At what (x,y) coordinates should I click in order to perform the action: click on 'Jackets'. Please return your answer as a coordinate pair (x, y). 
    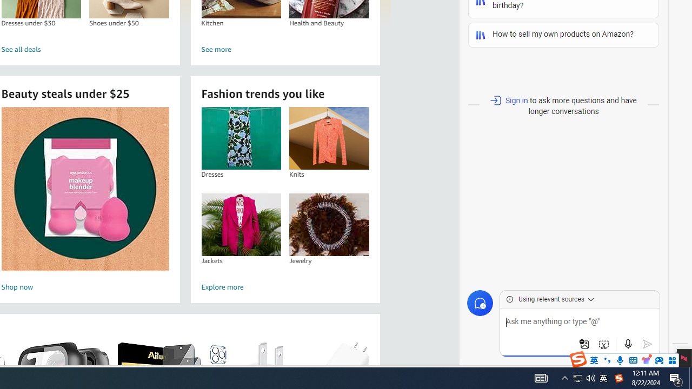
    Looking at the image, I should click on (241, 224).